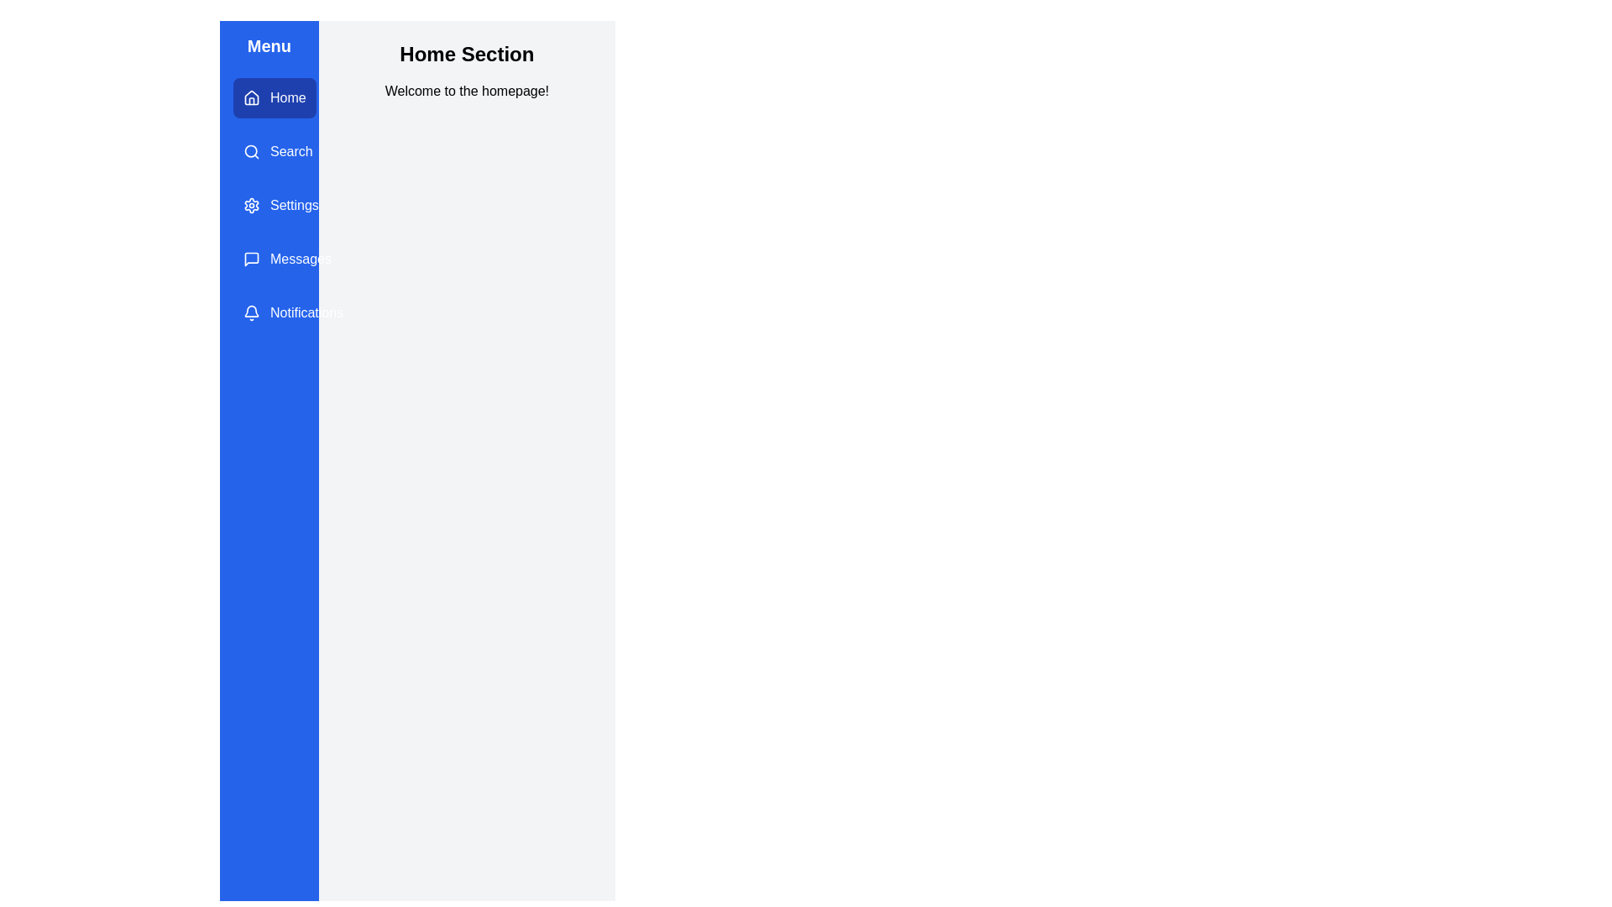 This screenshot has height=907, width=1612. What do you see at coordinates (250, 97) in the screenshot?
I see `the 'Home' icon located at the top of the vertical navigation bar` at bounding box center [250, 97].